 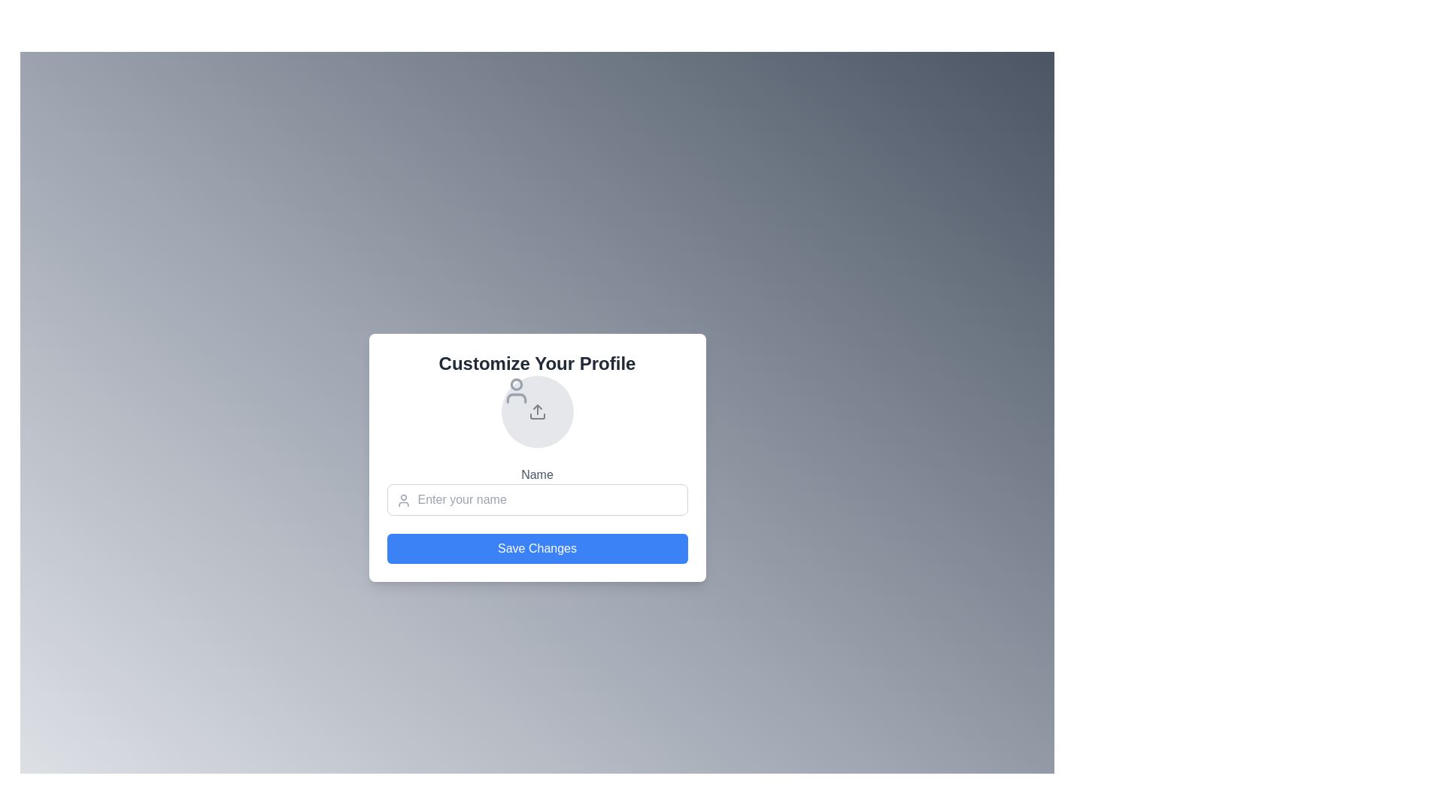 I want to click on the upload icon located centrally within the circular profile picture area, beneath the 'Customize Your Profile' heading, to initiate a file upload, so click(x=537, y=411).